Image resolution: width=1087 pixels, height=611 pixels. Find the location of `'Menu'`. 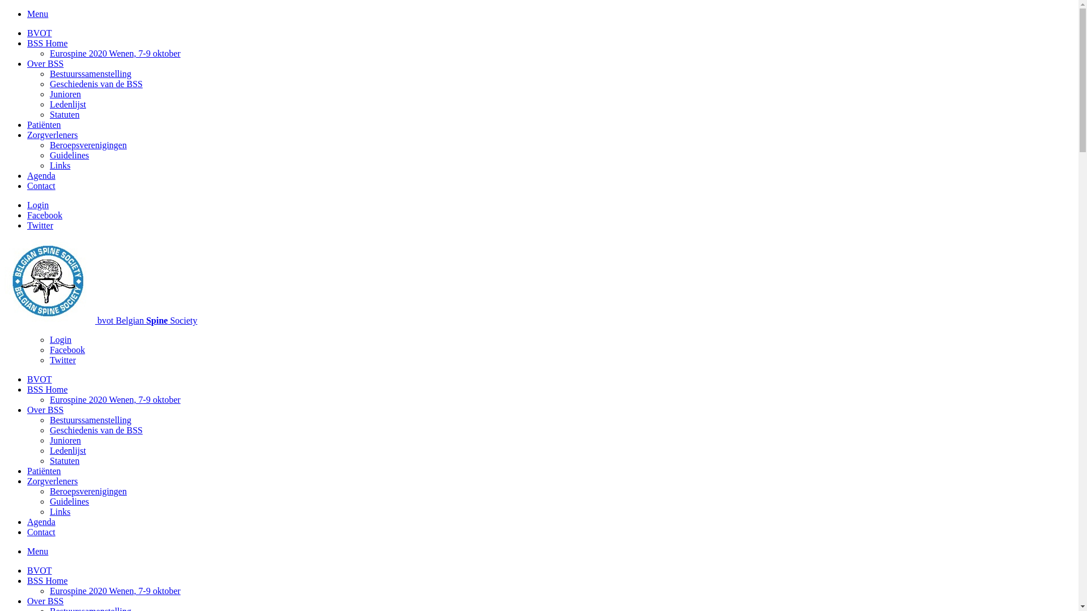

'Menu' is located at coordinates (27, 14).